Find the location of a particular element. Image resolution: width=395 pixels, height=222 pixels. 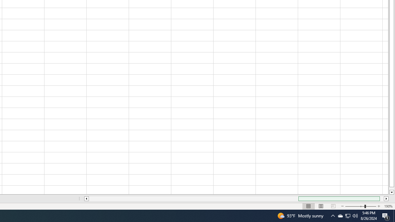

'Normal' is located at coordinates (309, 206).